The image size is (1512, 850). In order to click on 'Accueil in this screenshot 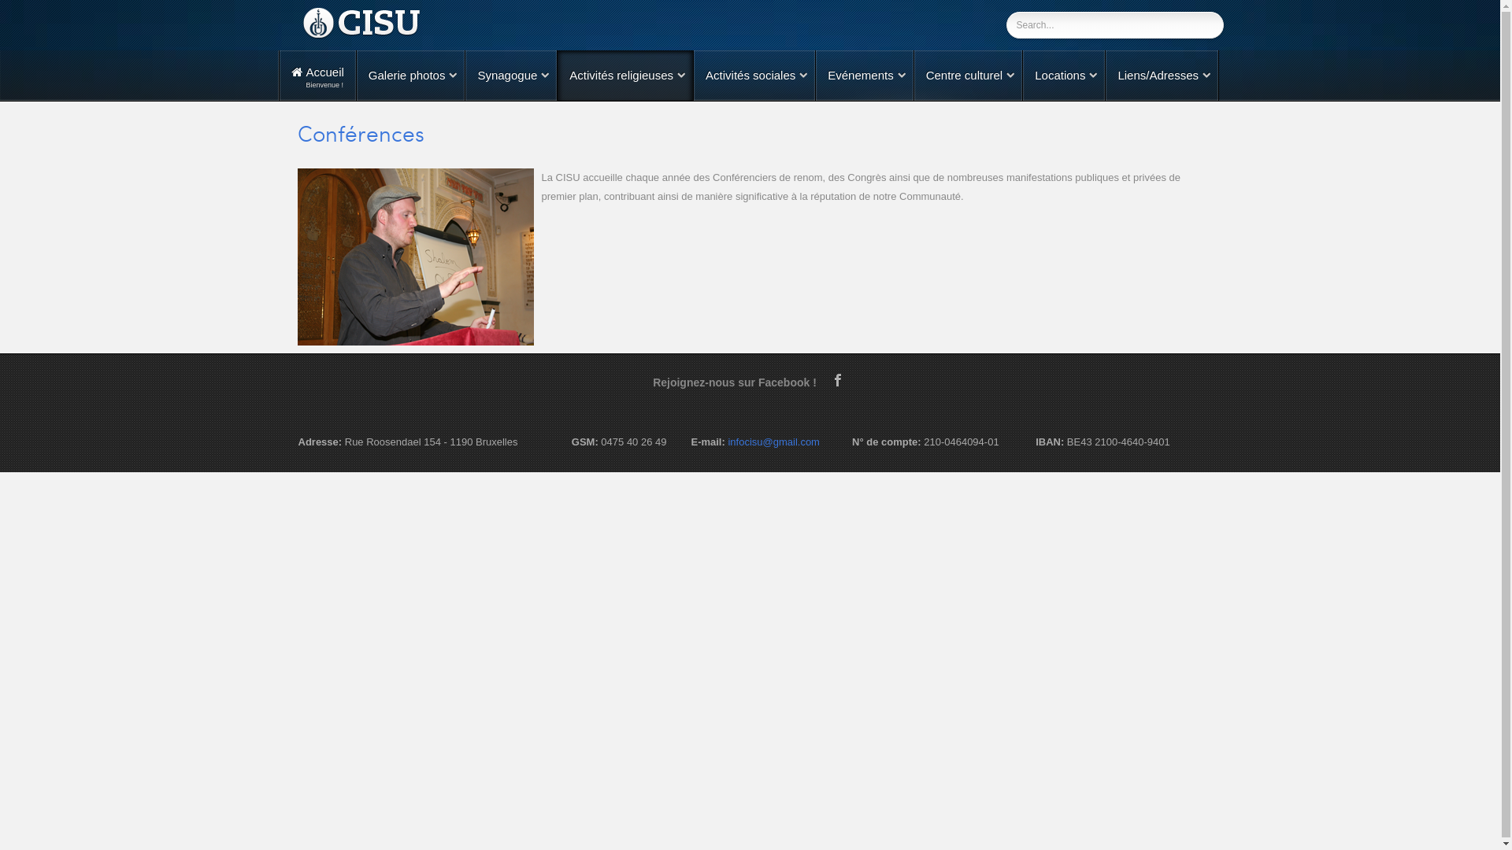, I will do `click(317, 76)`.